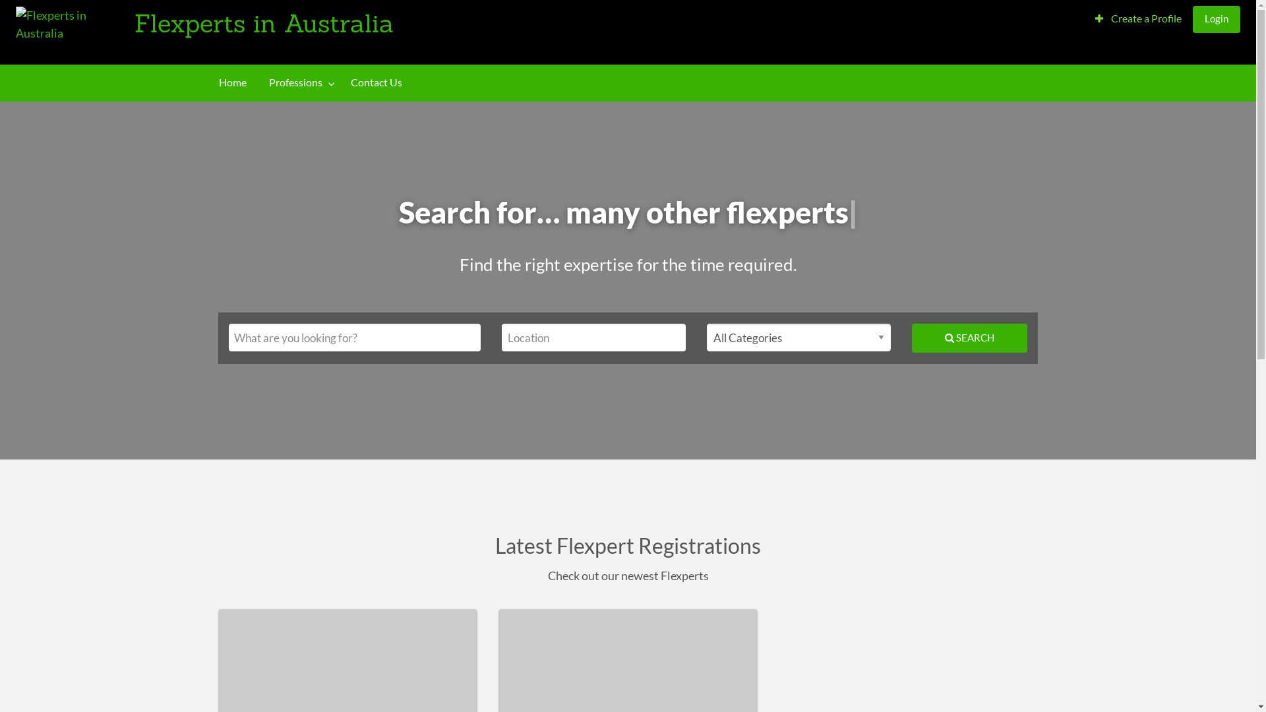 The width and height of the screenshot is (1266, 712). Describe the element at coordinates (969, 337) in the screenshot. I see `'SEARCH'` at that location.